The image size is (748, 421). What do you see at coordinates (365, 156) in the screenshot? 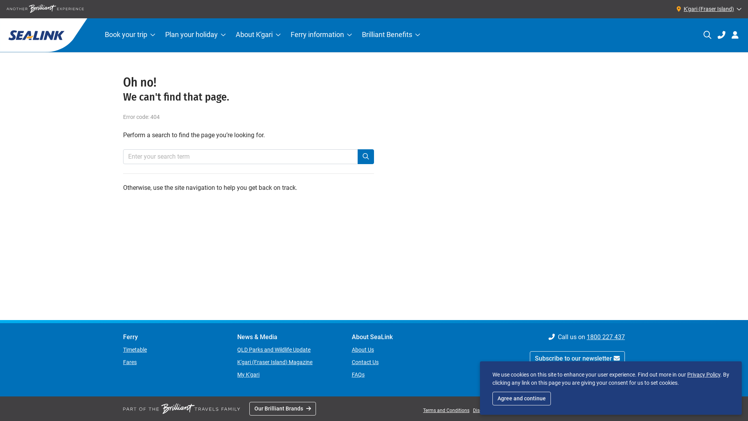
I see `'Search'` at bounding box center [365, 156].